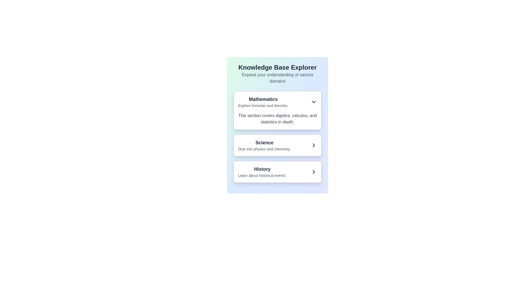 The width and height of the screenshot is (508, 286). What do you see at coordinates (262, 172) in the screenshot?
I see `text content which is a bold heading 'History' followed by a description 'Learn about historical events.' located in the 'Knowledge Base Explorer' section` at bounding box center [262, 172].